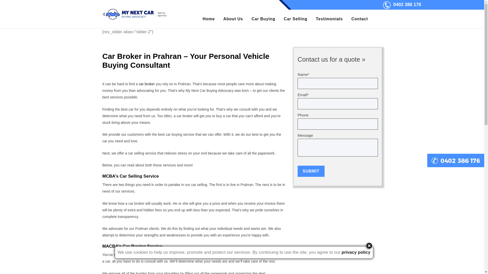 This screenshot has width=488, height=274. What do you see at coordinates (329, 19) in the screenshot?
I see `'Testimonials'` at bounding box center [329, 19].